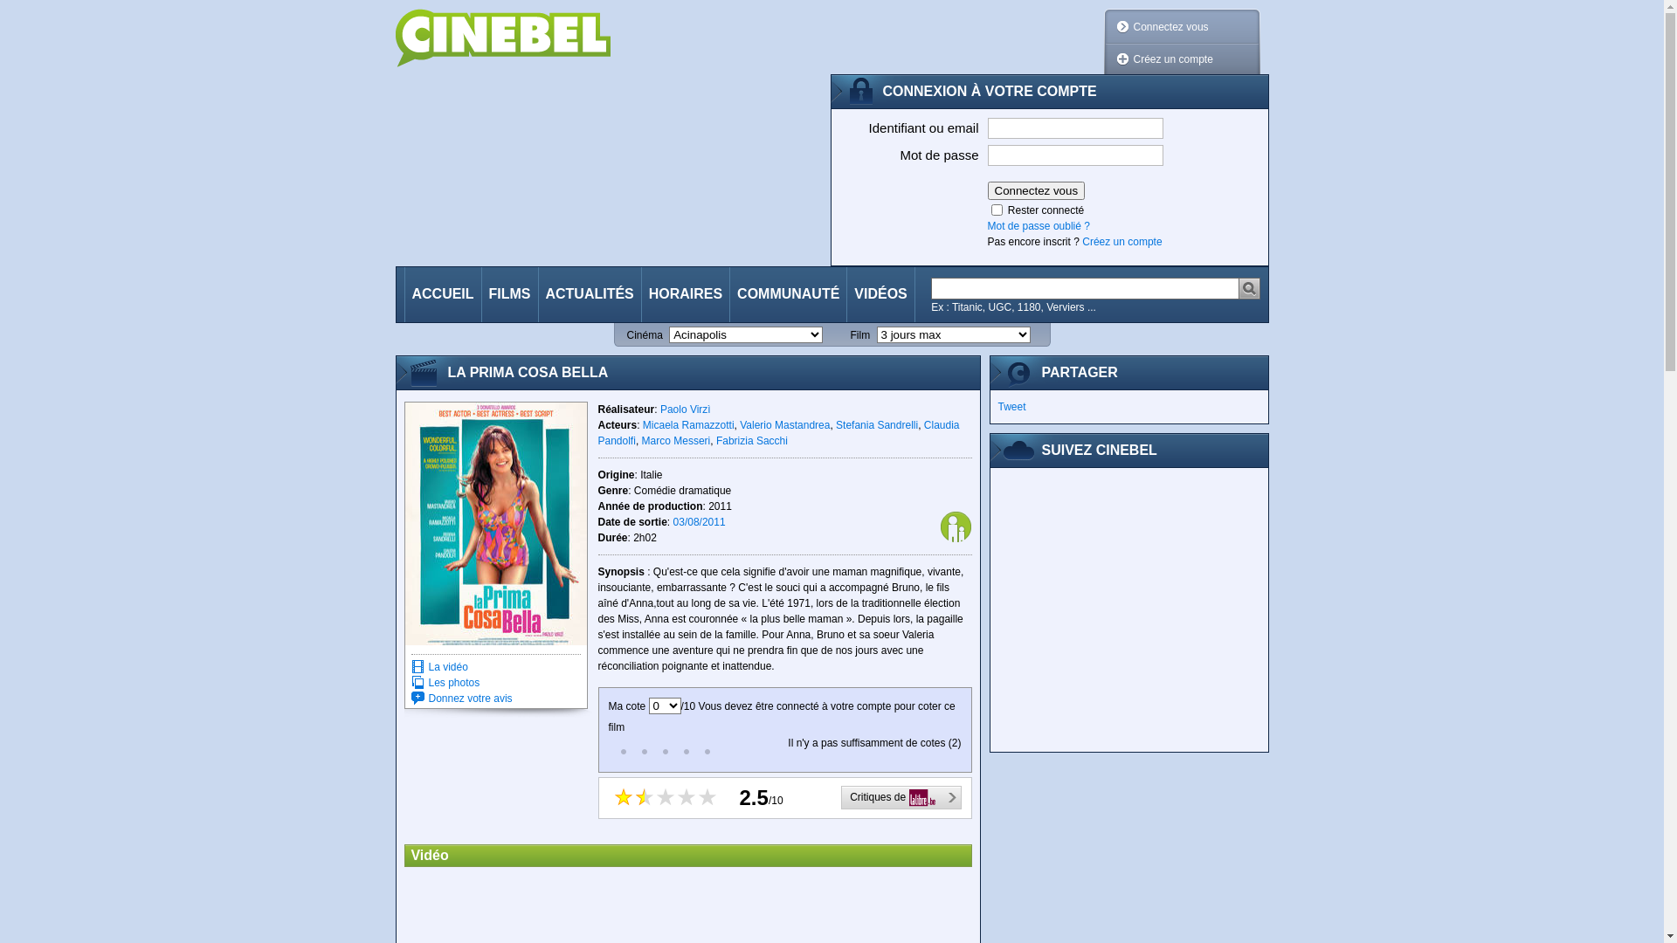 This screenshot has height=943, width=1677. I want to click on 'Connectez vous', so click(1035, 190).